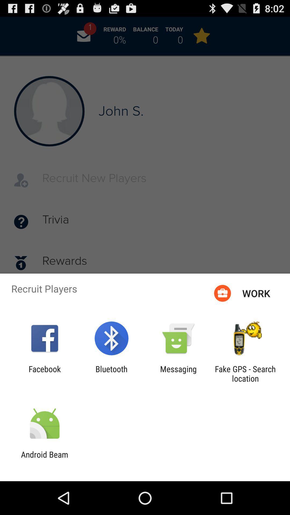 Image resolution: width=290 pixels, height=515 pixels. What do you see at coordinates (44, 459) in the screenshot?
I see `android beam app` at bounding box center [44, 459].